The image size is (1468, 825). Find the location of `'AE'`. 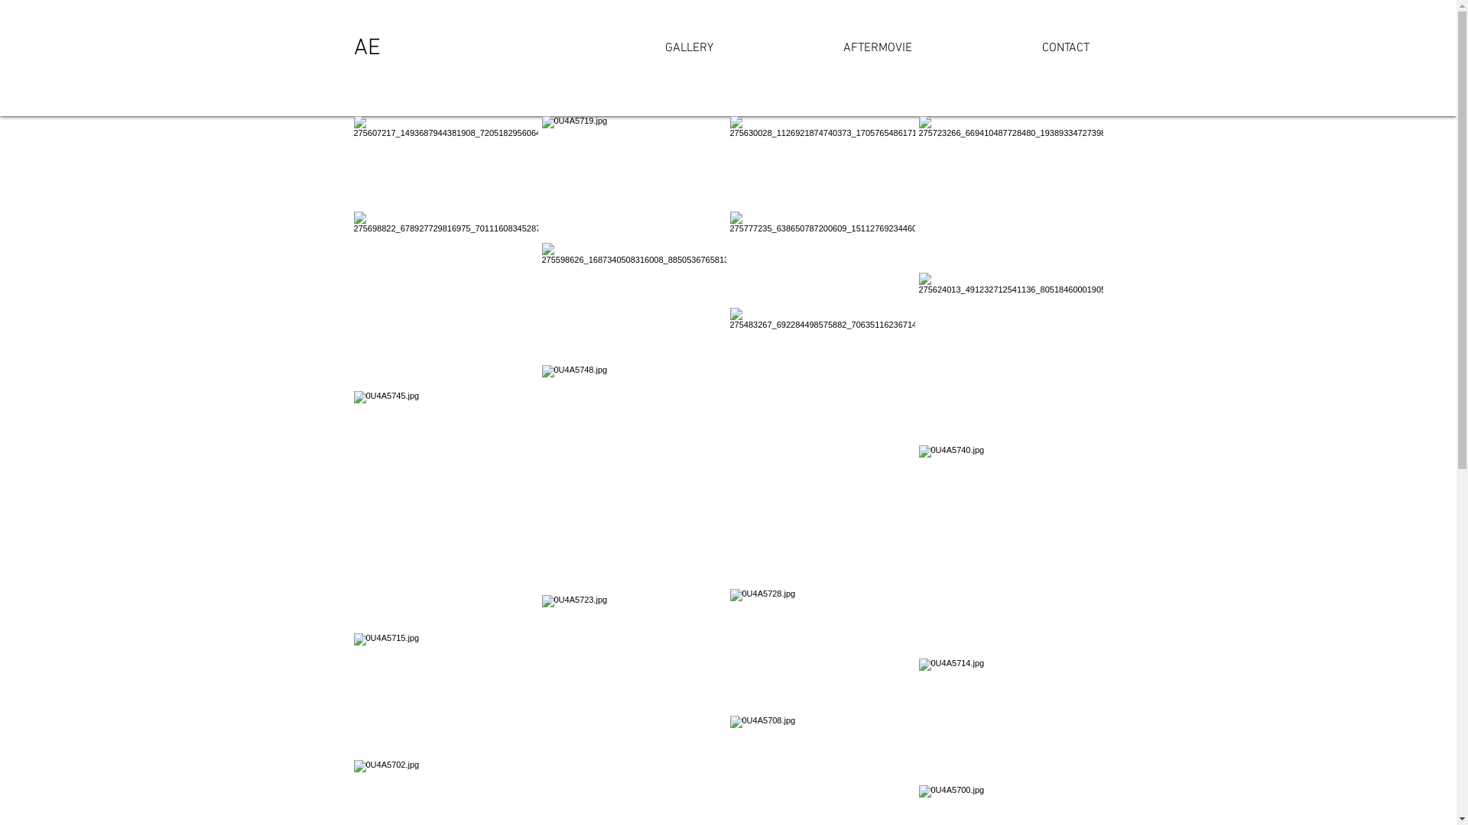

'AE' is located at coordinates (365, 47).